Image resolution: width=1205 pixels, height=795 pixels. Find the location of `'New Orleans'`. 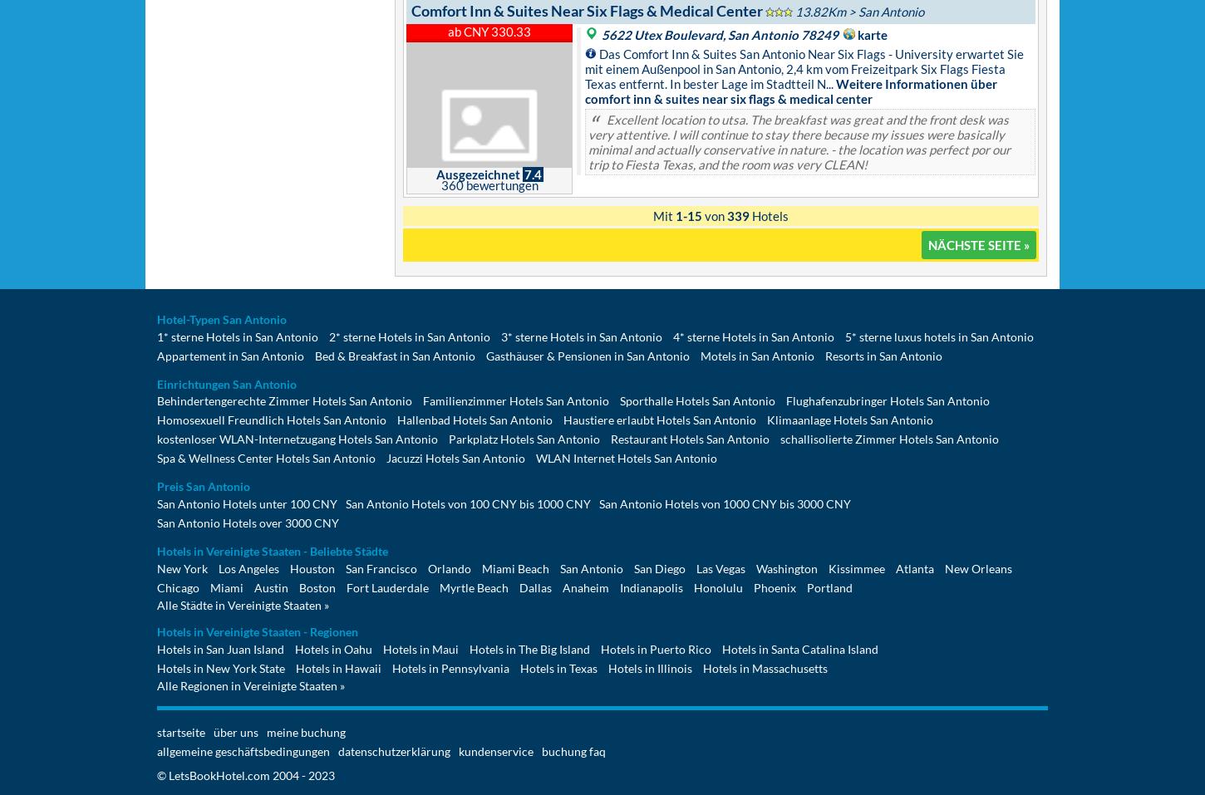

'New Orleans' is located at coordinates (977, 568).